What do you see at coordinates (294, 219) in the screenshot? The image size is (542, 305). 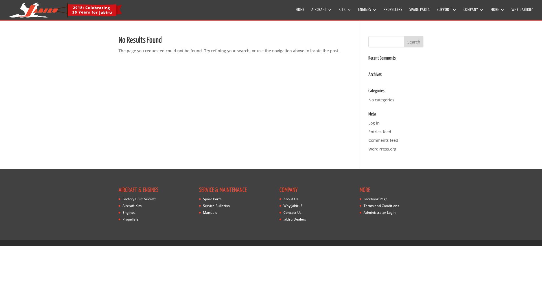 I see `'Jabiru Dealers'` at bounding box center [294, 219].